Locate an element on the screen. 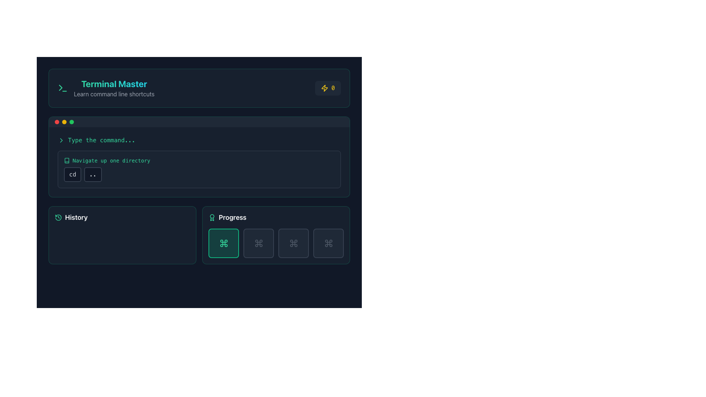  the static text element that serves as a placeholder or instruction for the user to type a command, located in the upper-middle section of the terminal-like interface is located at coordinates (101, 140).